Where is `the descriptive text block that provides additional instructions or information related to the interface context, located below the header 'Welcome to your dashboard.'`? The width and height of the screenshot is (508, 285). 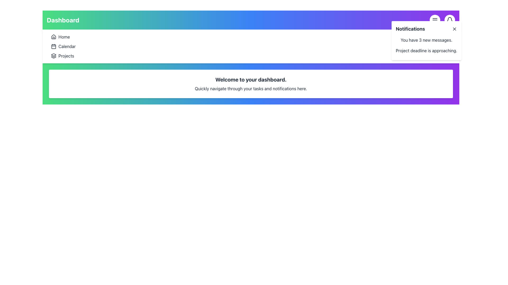 the descriptive text block that provides additional instructions or information related to the interface context, located below the header 'Welcome to your dashboard.' is located at coordinates (251, 88).